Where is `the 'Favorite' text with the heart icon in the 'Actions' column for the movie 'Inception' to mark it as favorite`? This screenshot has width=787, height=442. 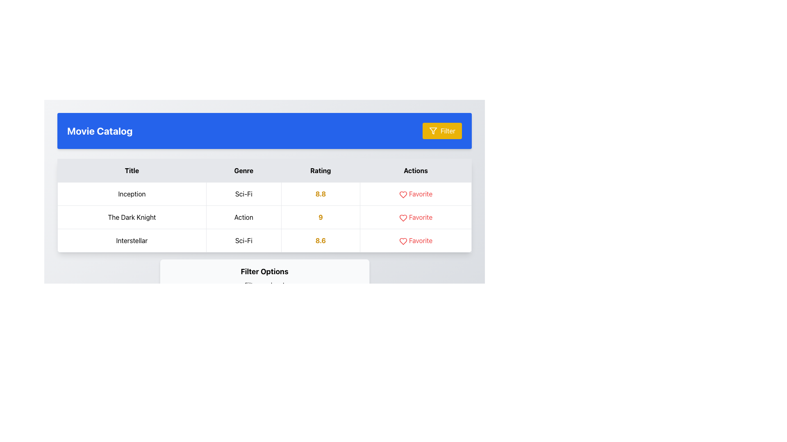 the 'Favorite' text with the heart icon in the 'Actions' column for the movie 'Inception' to mark it as favorite is located at coordinates (416, 194).